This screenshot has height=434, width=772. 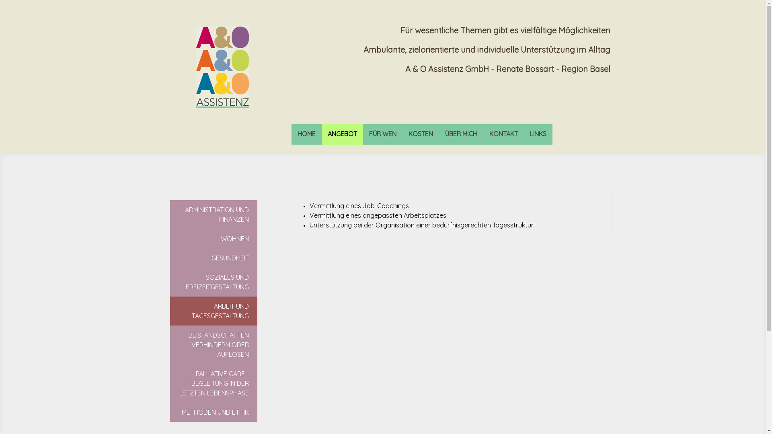 I want to click on 'ANGEBOT', so click(x=342, y=134).